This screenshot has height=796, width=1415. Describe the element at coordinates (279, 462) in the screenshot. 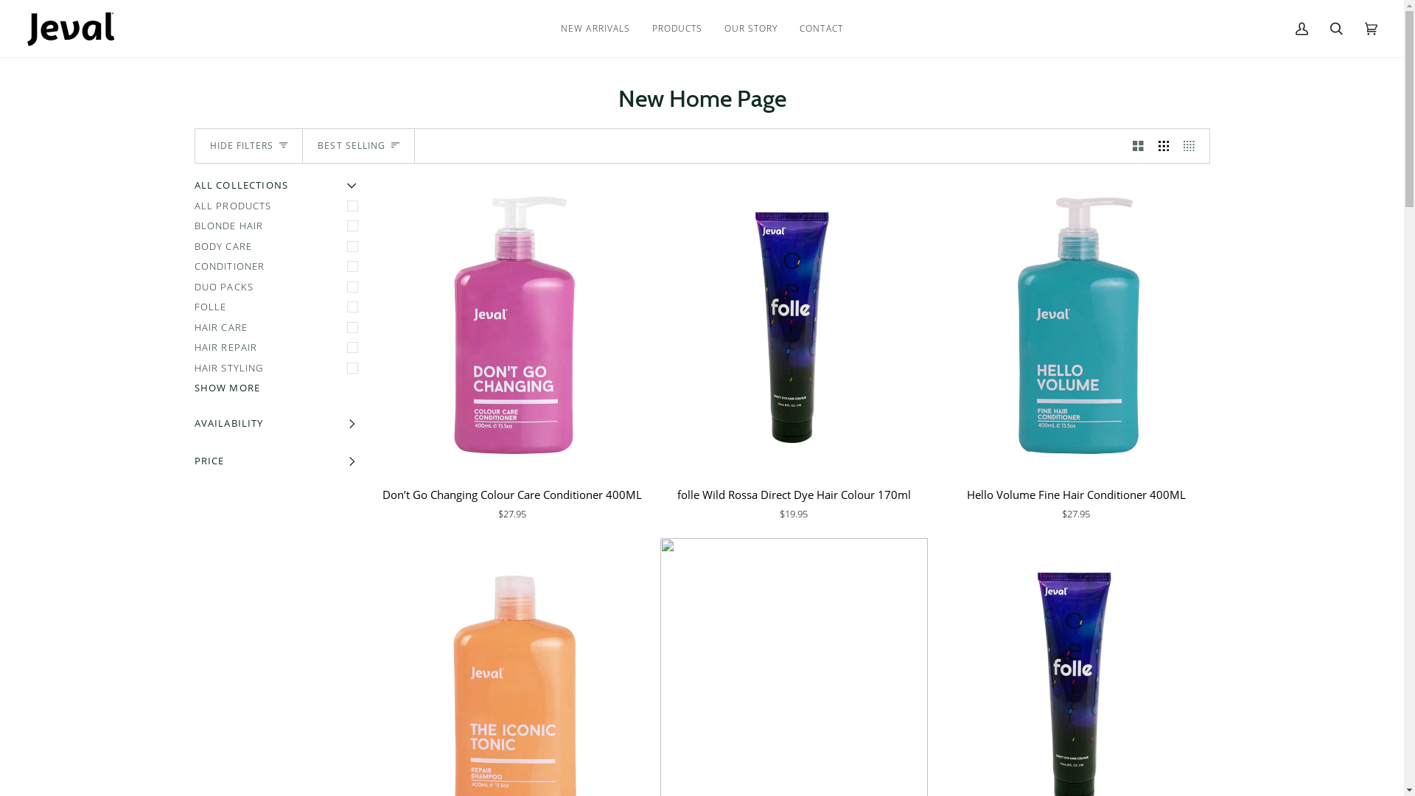

I see `'PRICE` at that location.